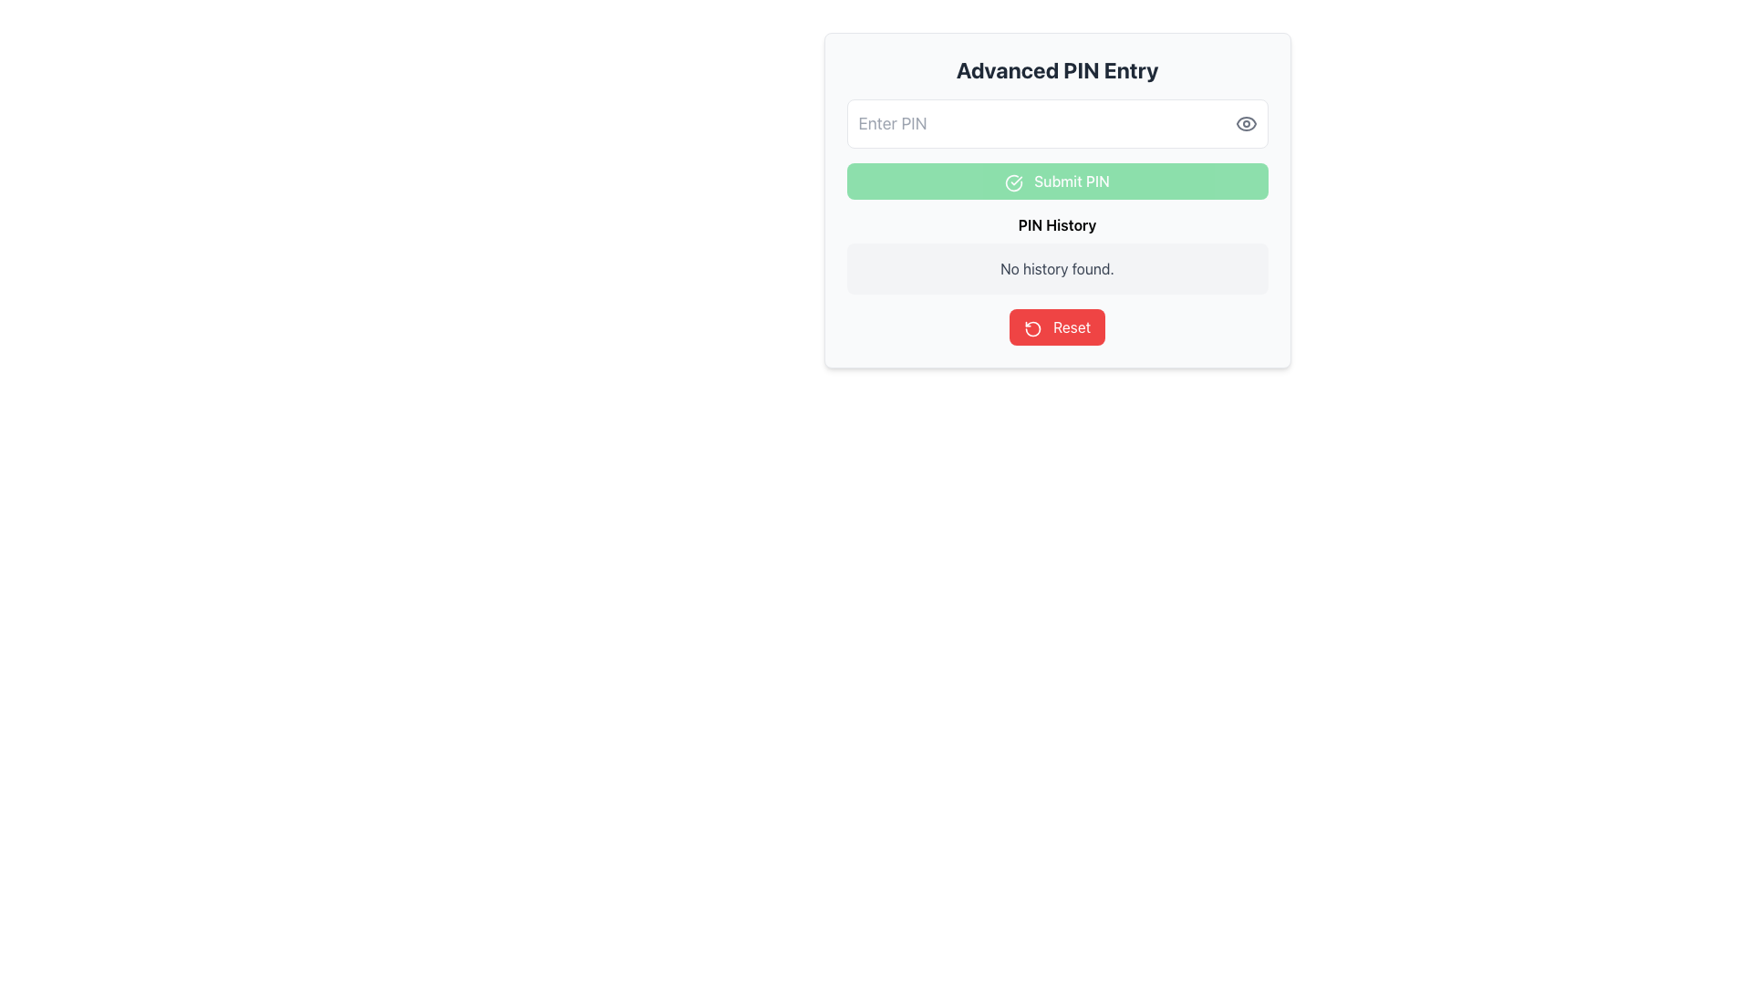 This screenshot has width=1751, height=985. Describe the element at coordinates (1057, 181) in the screenshot. I see `the disabled submit button for PIN entry located in the center panel of the 'Advanced PIN Entry' form, positioned below the 'Enter PIN' input field and above the 'PIN History' section` at that location.